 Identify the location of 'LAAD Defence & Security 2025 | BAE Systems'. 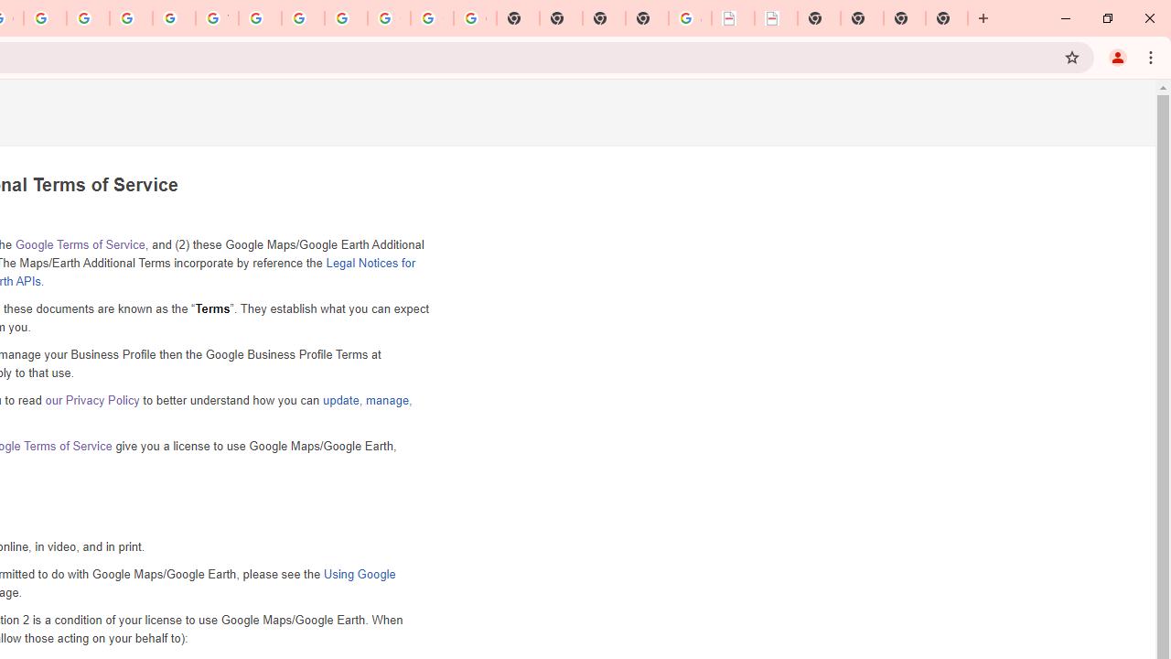
(733, 18).